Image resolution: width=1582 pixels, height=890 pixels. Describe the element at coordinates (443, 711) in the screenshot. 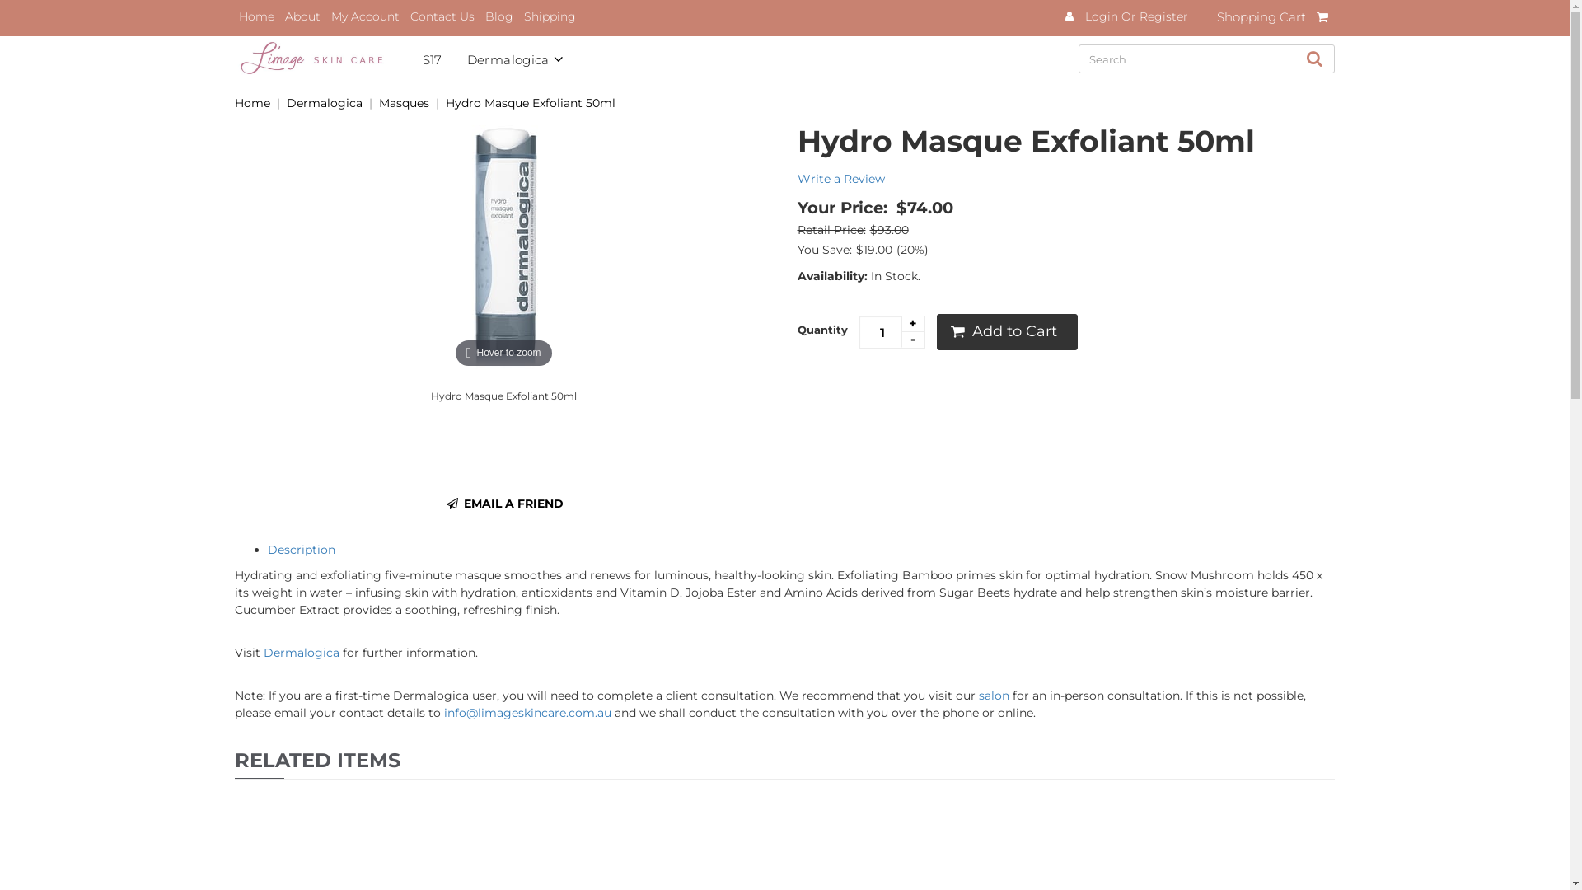

I see `'info@limageskincare.com.au'` at that location.